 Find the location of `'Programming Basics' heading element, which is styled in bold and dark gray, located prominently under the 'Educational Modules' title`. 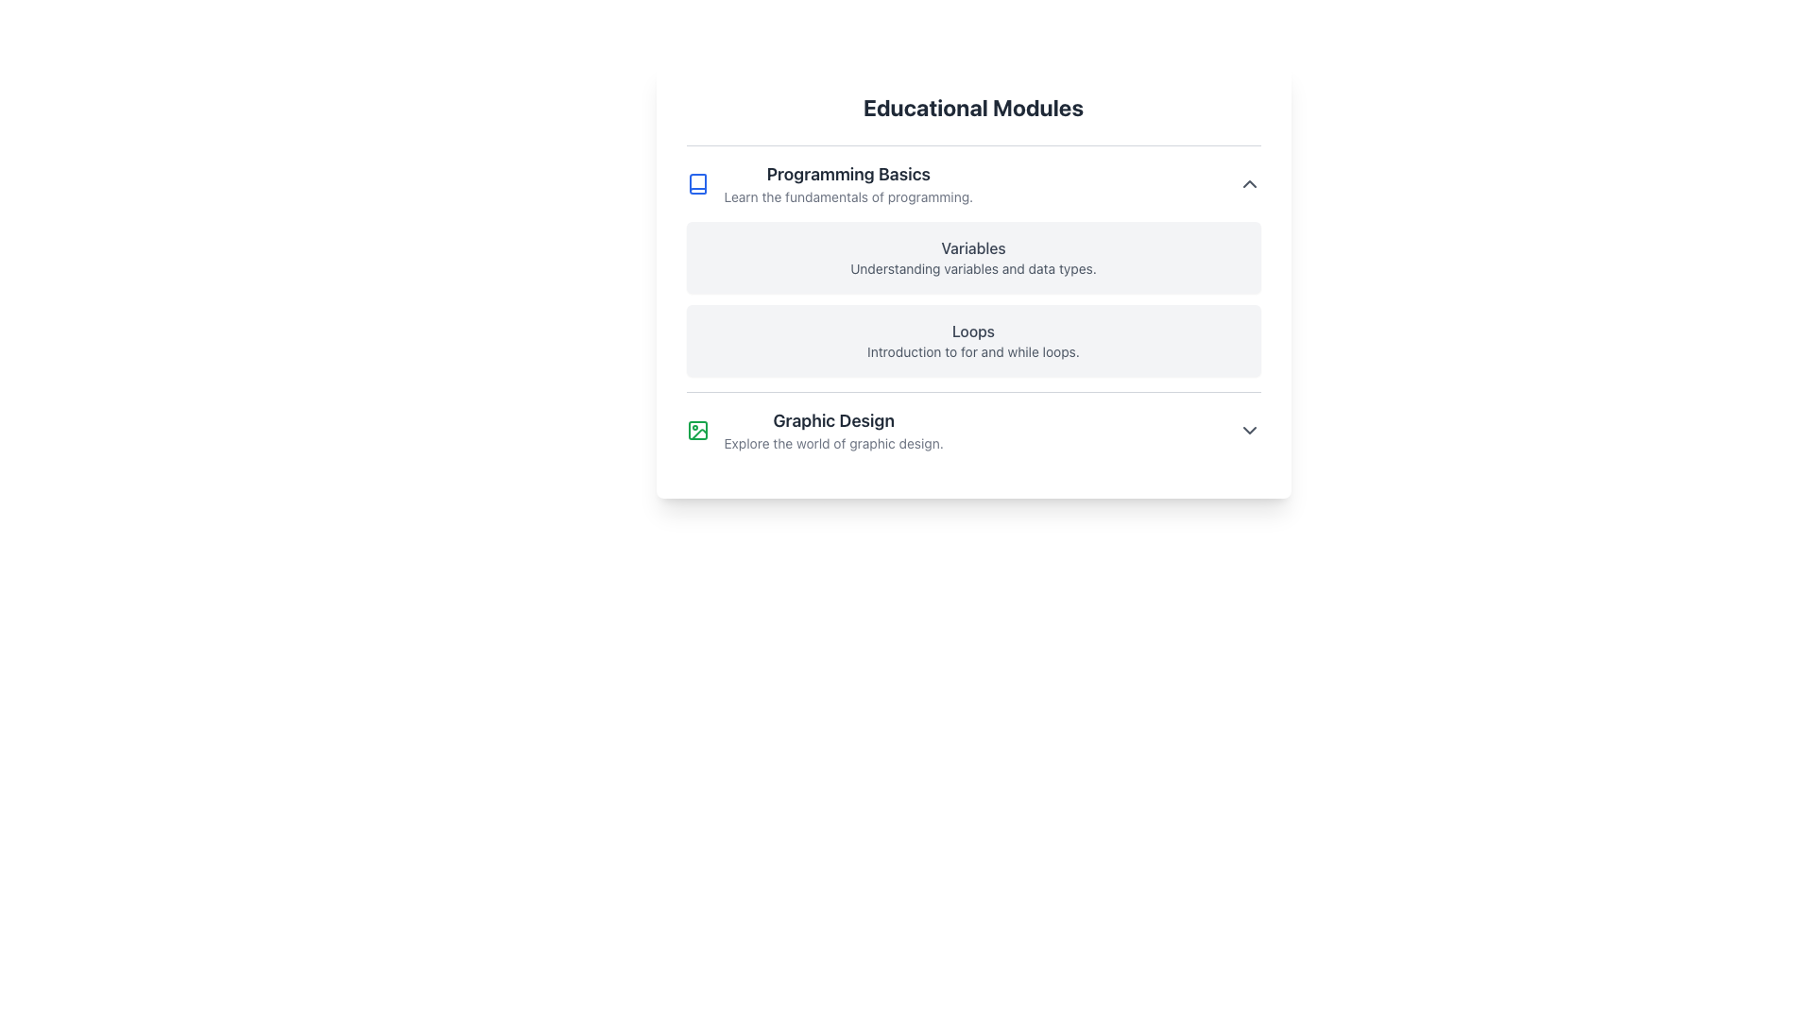

'Programming Basics' heading element, which is styled in bold and dark gray, located prominently under the 'Educational Modules' title is located at coordinates (847, 175).